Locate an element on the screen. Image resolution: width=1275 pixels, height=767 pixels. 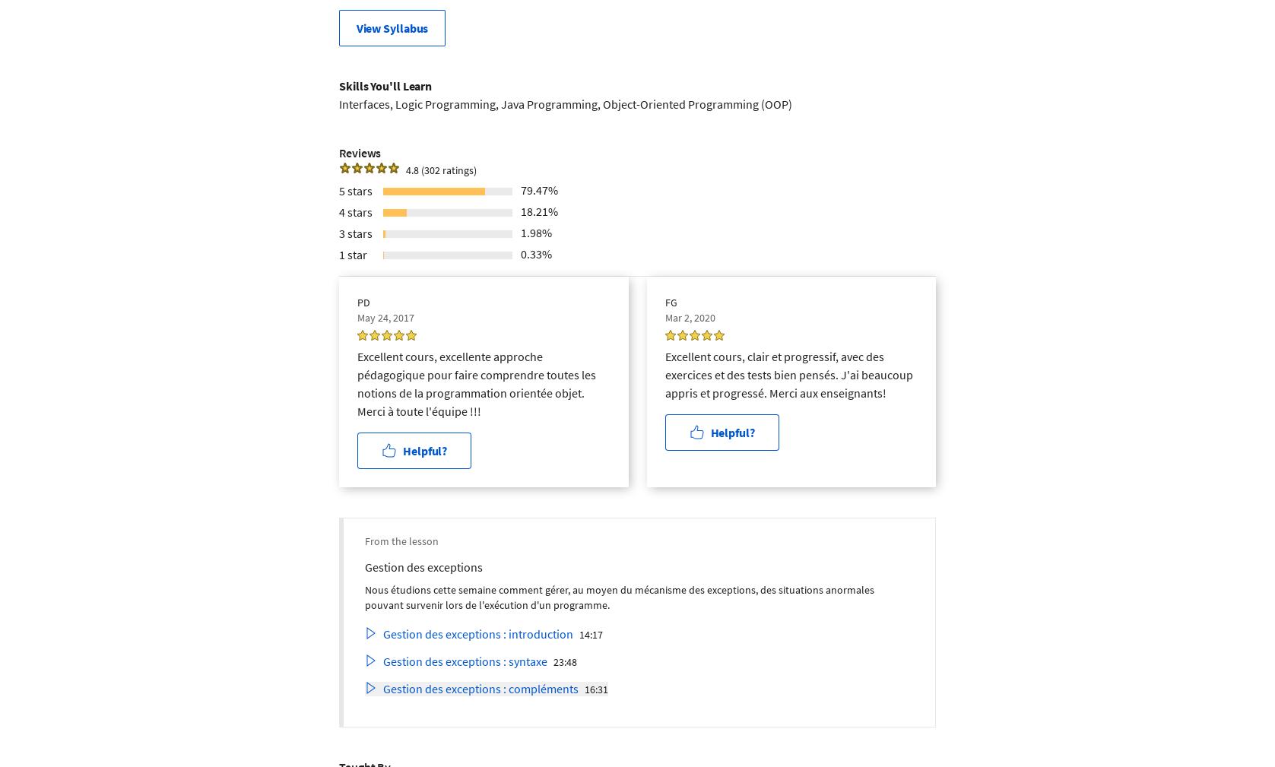
'From the lesson' is located at coordinates (401, 540).